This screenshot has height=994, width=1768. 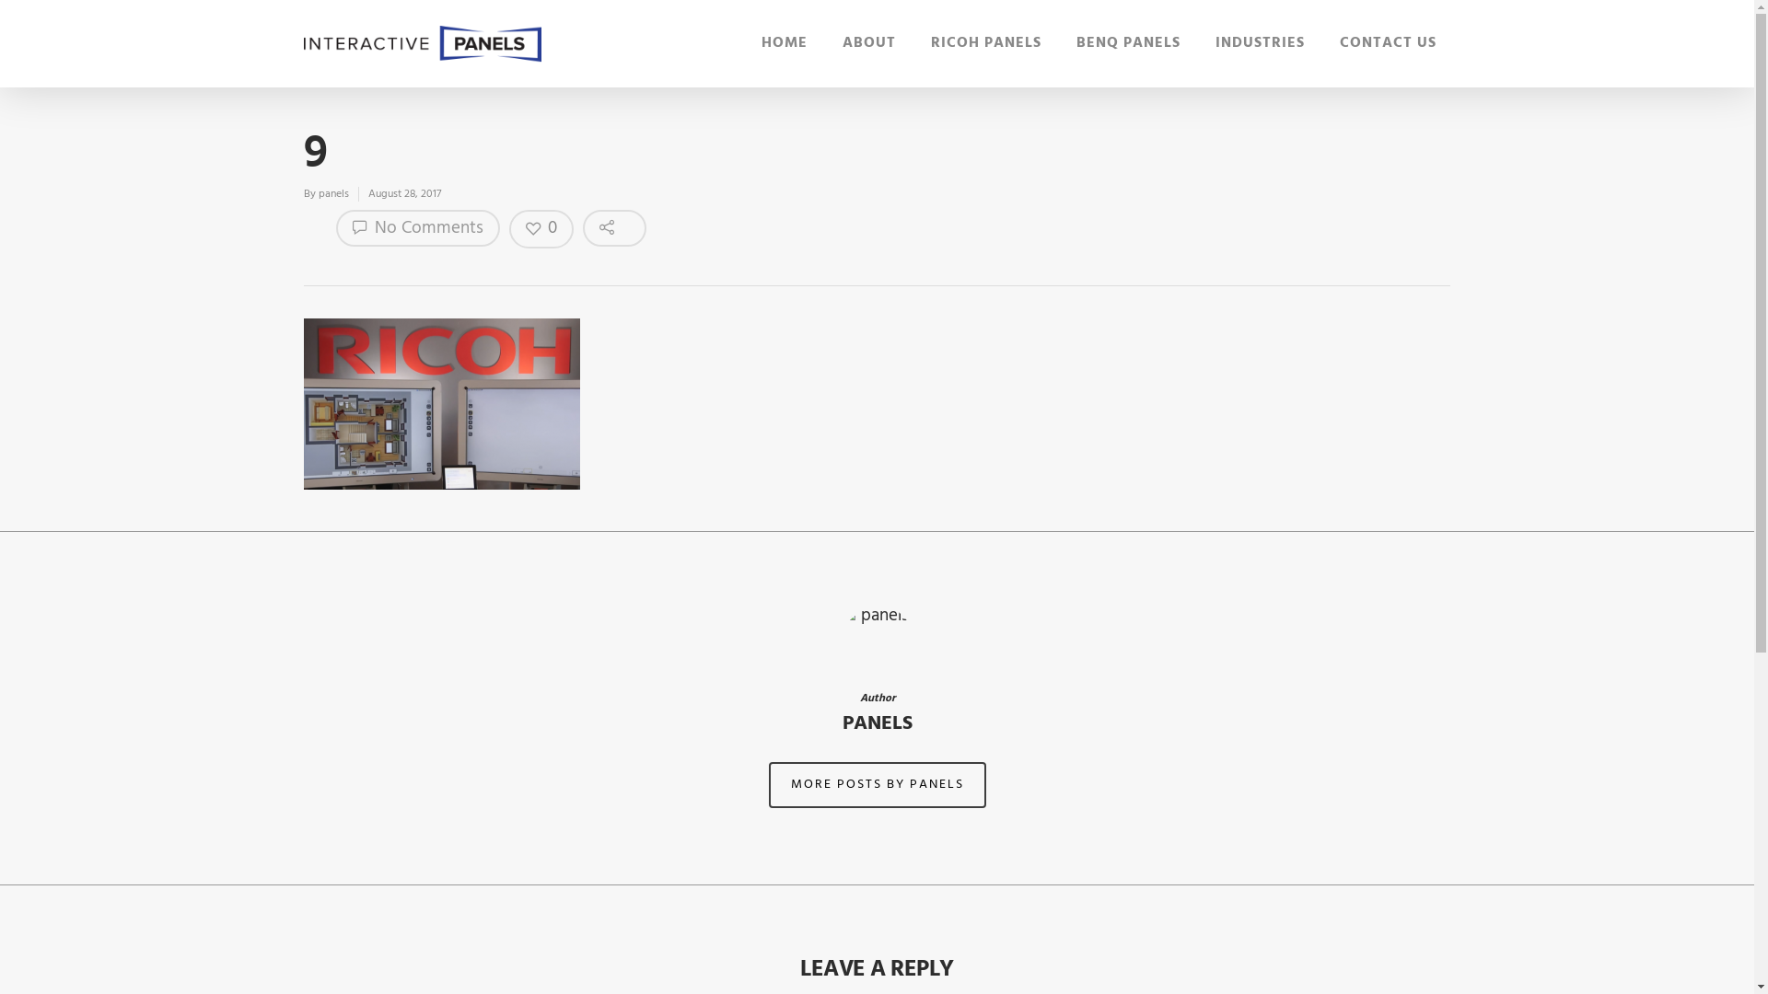 I want to click on '0', so click(x=541, y=228).